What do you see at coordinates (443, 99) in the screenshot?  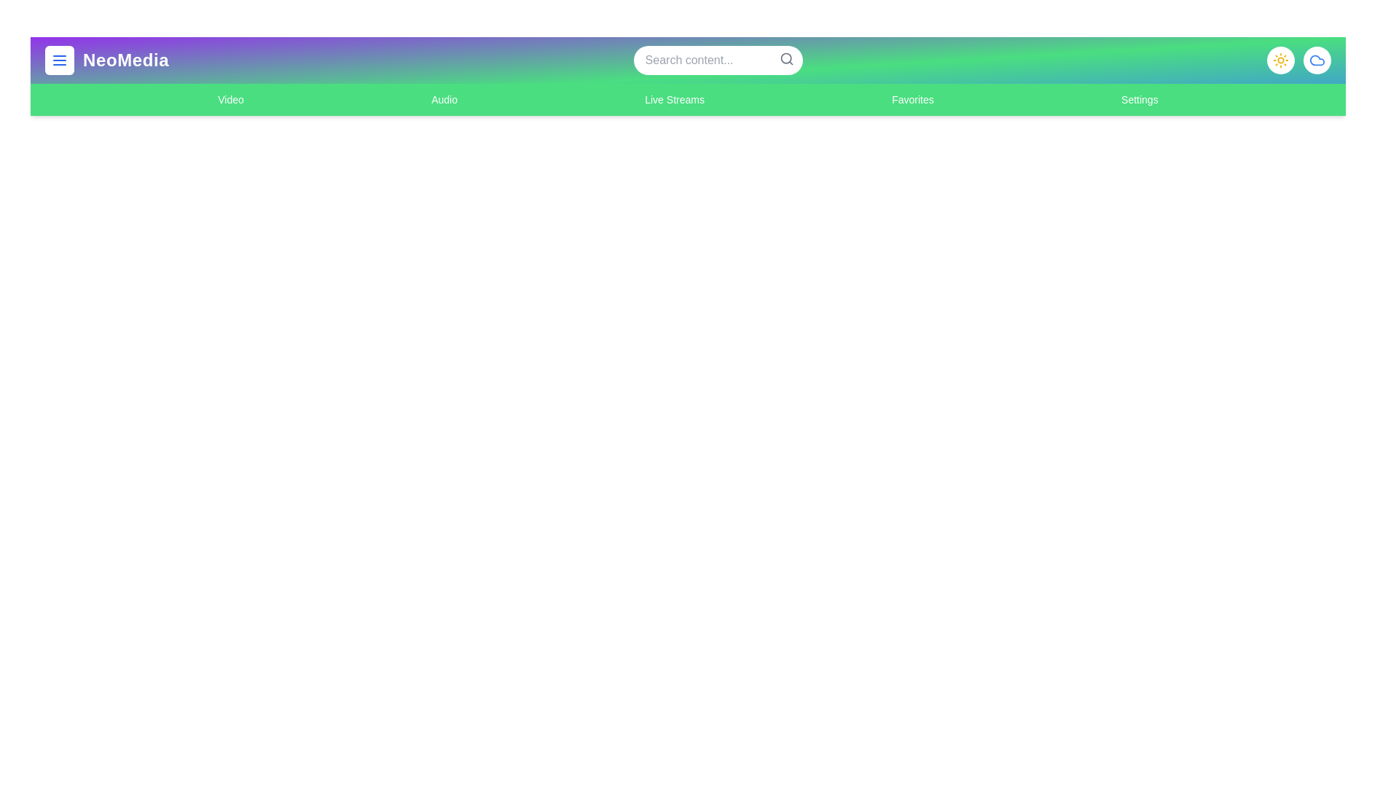 I see `the navigation link labeled Audio` at bounding box center [443, 99].